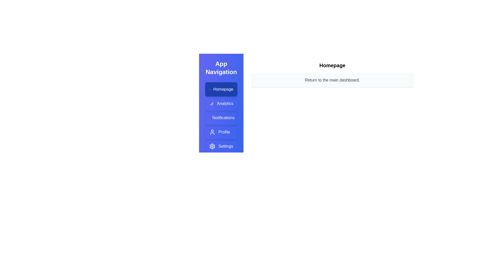  Describe the element at coordinates (221, 67) in the screenshot. I see `the title text label at the top of the sidebar, which indicates the purpose of the navigation section` at that location.